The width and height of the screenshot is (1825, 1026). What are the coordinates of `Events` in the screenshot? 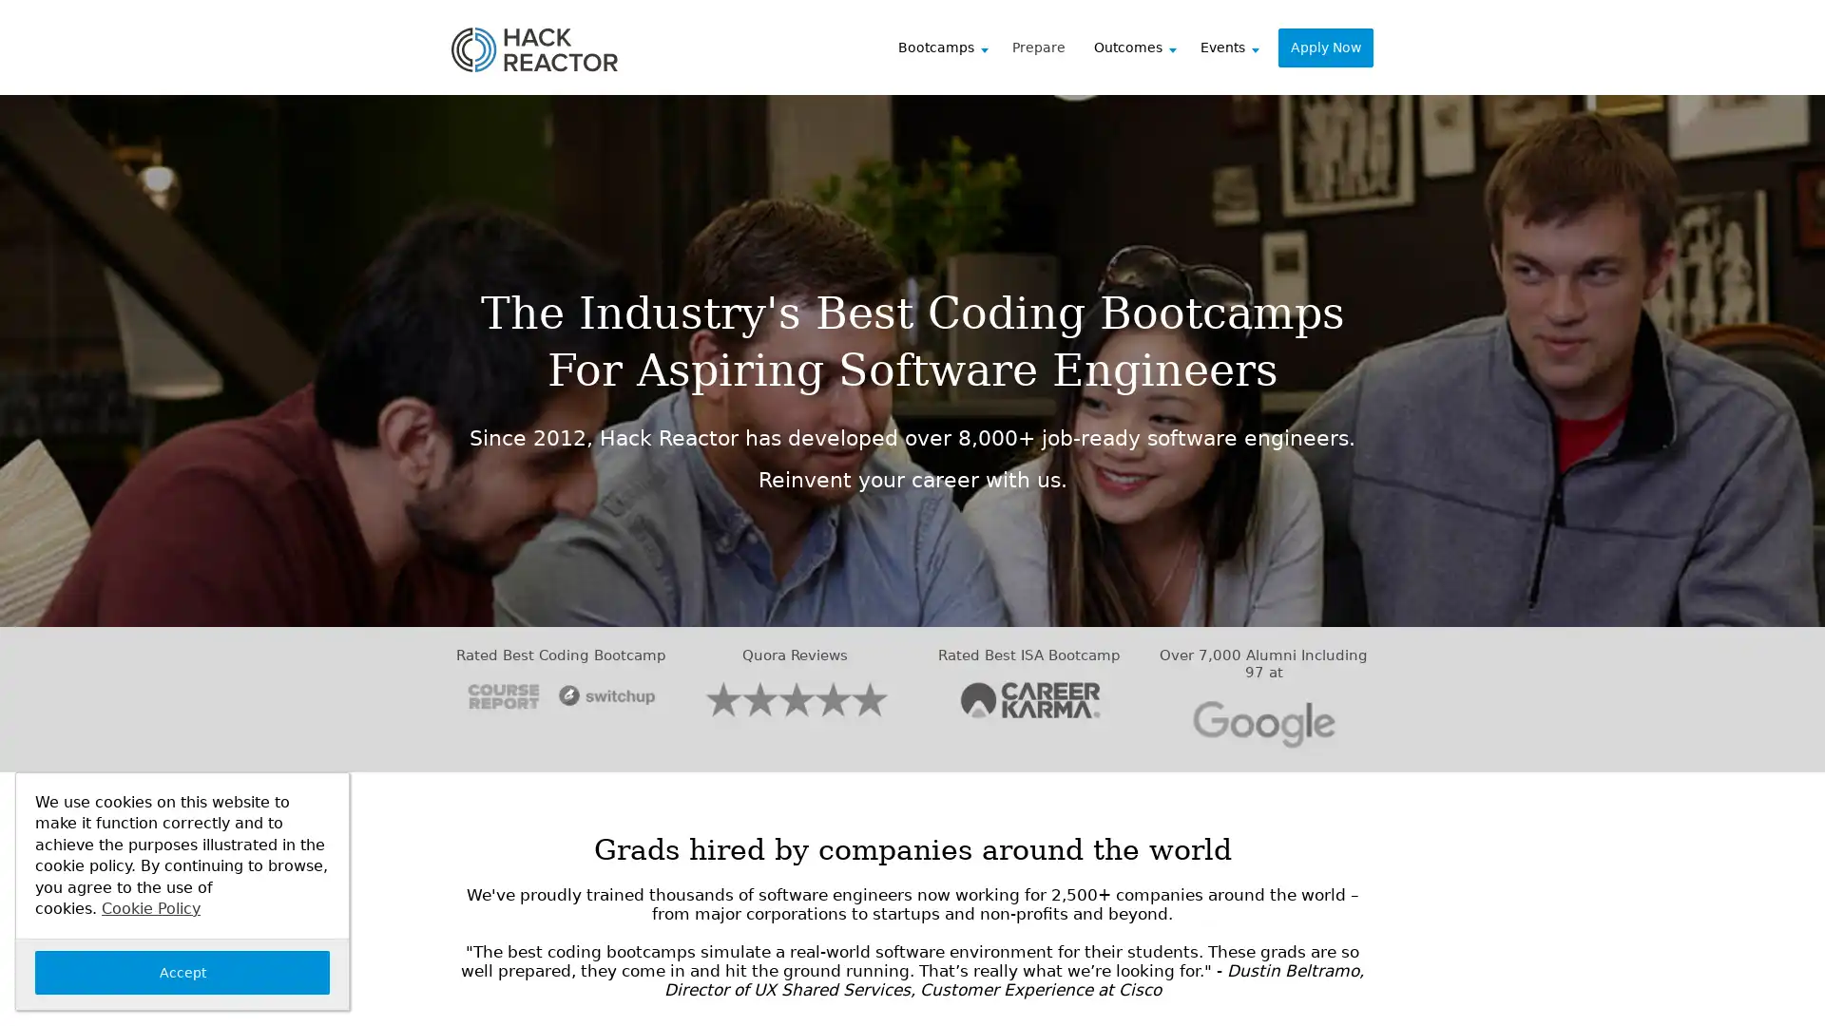 It's located at (1237, 47).